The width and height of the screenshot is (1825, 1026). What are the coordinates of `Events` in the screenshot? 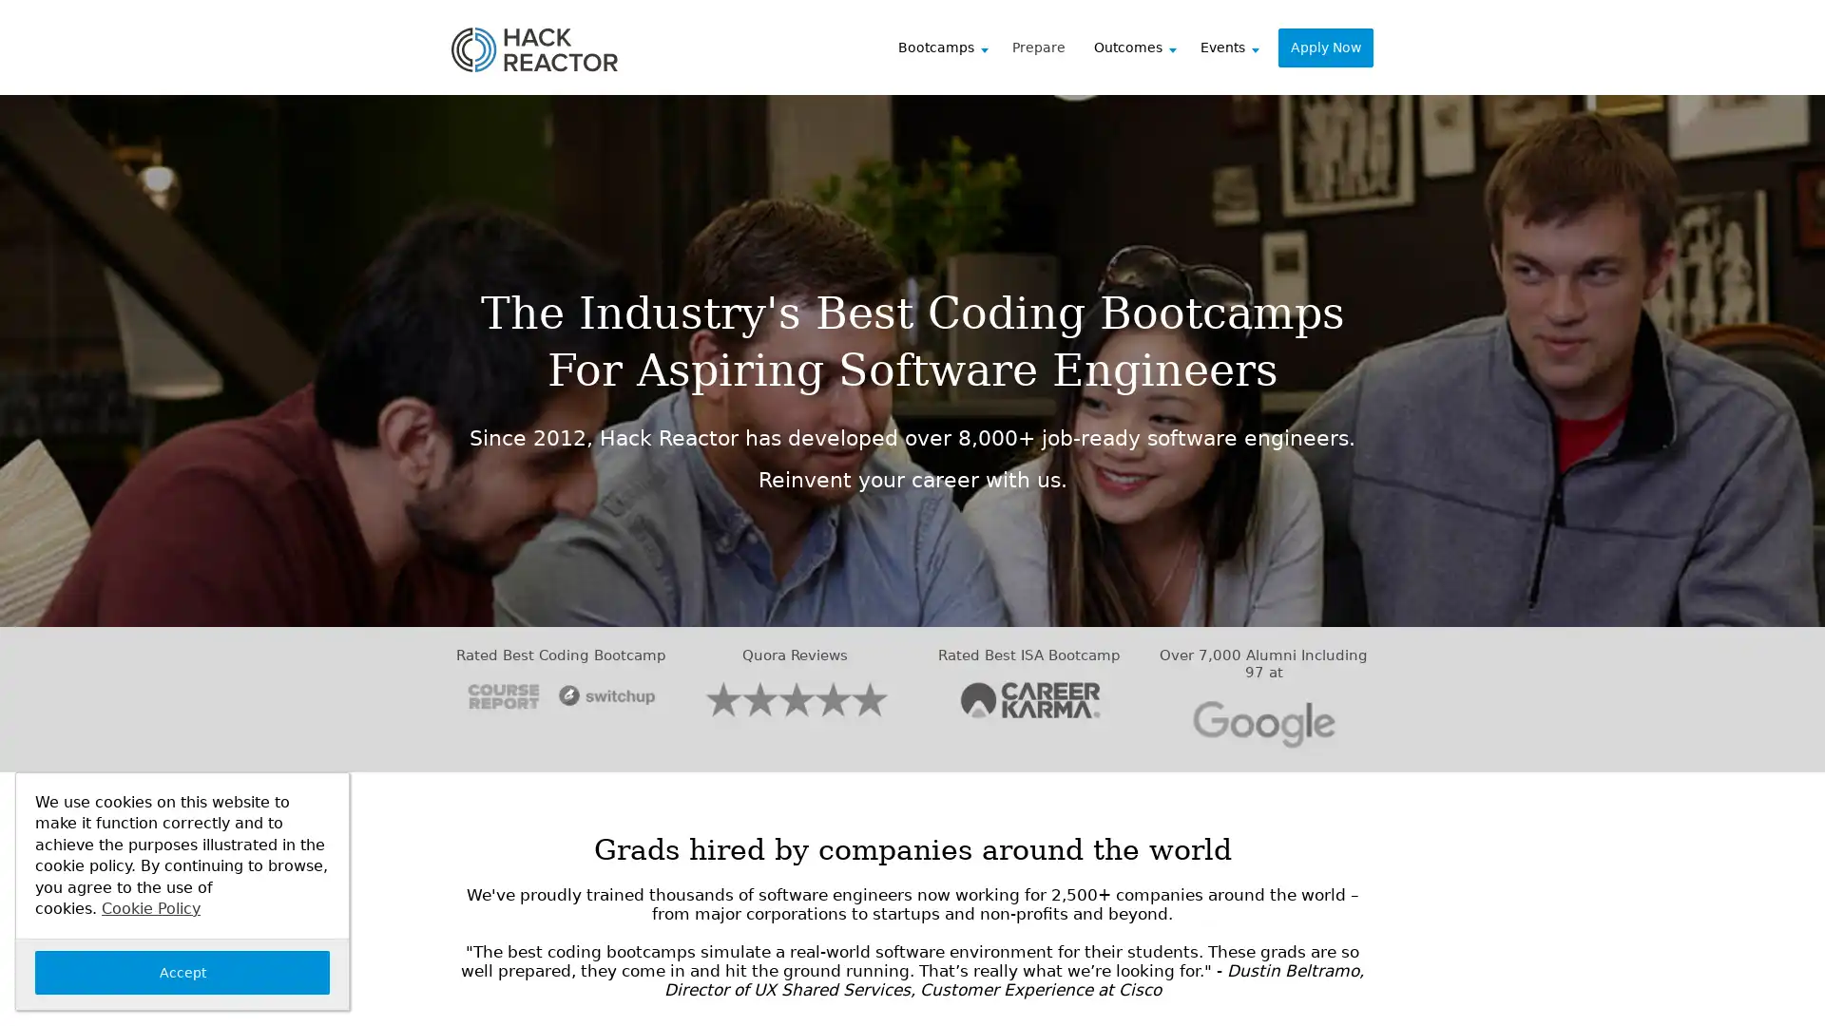 It's located at (1237, 47).